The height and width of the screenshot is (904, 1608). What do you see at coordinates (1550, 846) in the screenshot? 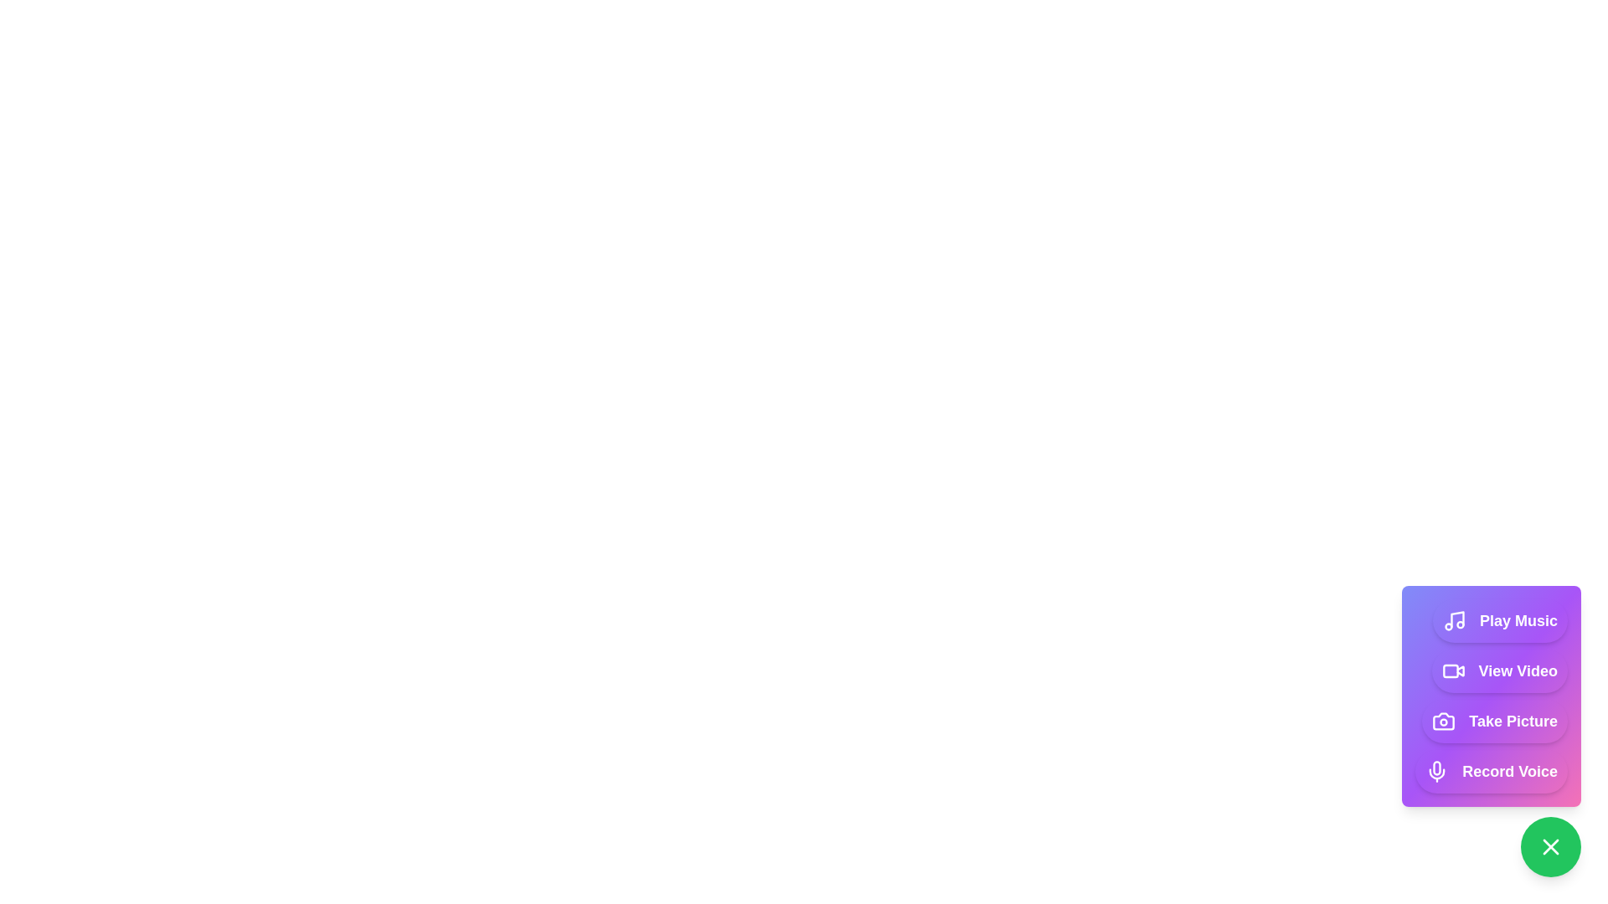
I see `toggle button at the bottom-right corner to hide the menu` at bounding box center [1550, 846].